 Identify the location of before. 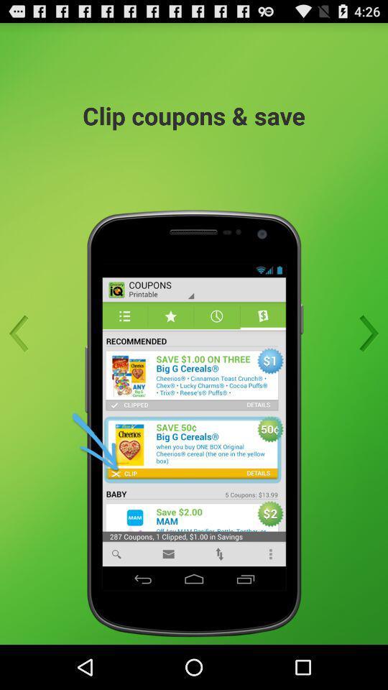
(22, 333).